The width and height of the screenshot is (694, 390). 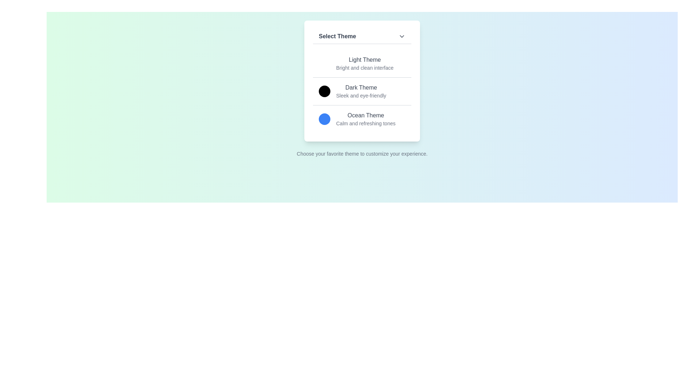 What do you see at coordinates (362, 118) in the screenshot?
I see `the theme Ocean Theme by clicking on its corresponding option` at bounding box center [362, 118].